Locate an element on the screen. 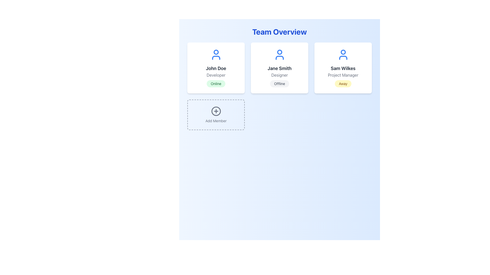  the Profile Card displaying an individual team member's profile, located in the 'Team Overview' section, specifically the second card in a row of three is located at coordinates (279, 67).